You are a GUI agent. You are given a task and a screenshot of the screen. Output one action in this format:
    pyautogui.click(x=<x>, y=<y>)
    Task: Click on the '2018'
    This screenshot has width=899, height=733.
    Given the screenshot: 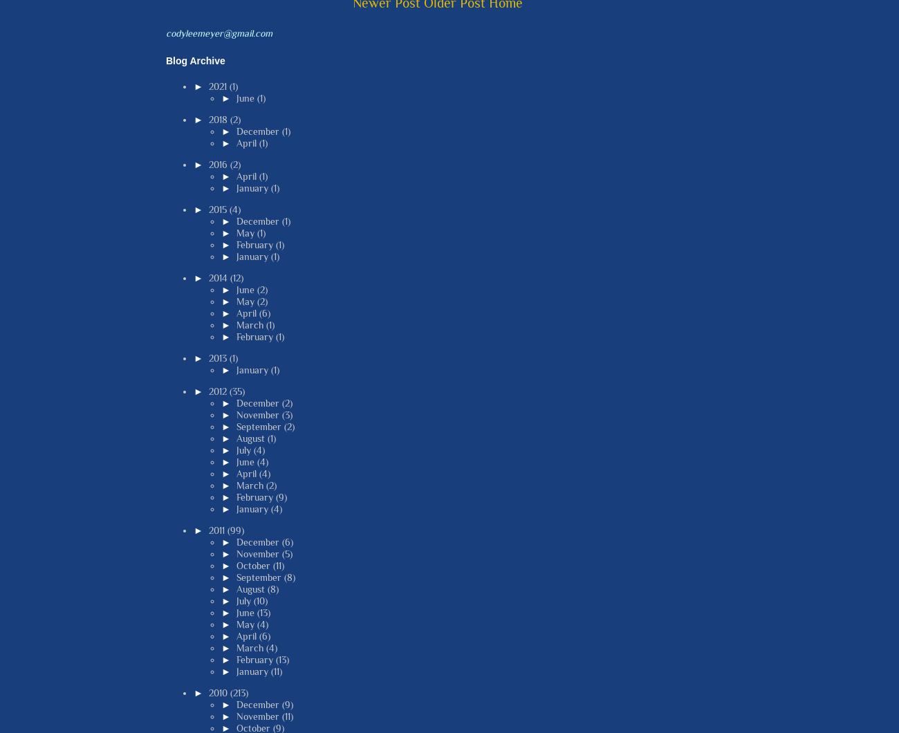 What is the action you would take?
    pyautogui.click(x=219, y=118)
    